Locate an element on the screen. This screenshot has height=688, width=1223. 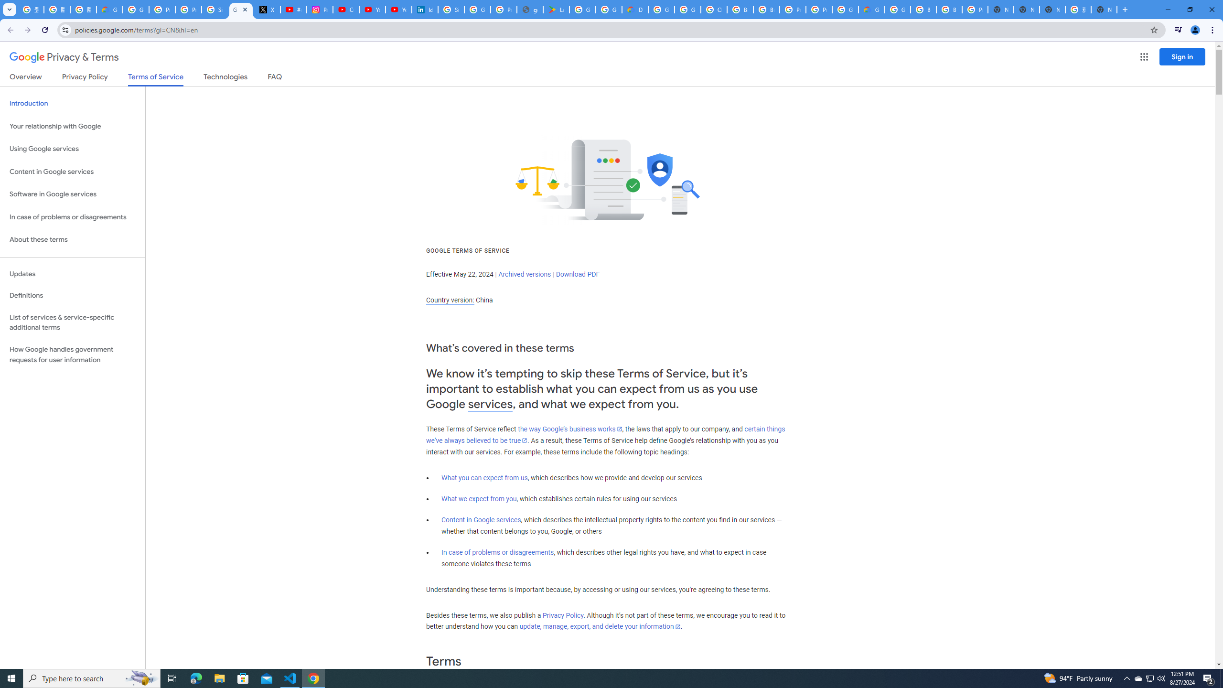
'List of services & service-specific additional terms' is located at coordinates (72, 322).